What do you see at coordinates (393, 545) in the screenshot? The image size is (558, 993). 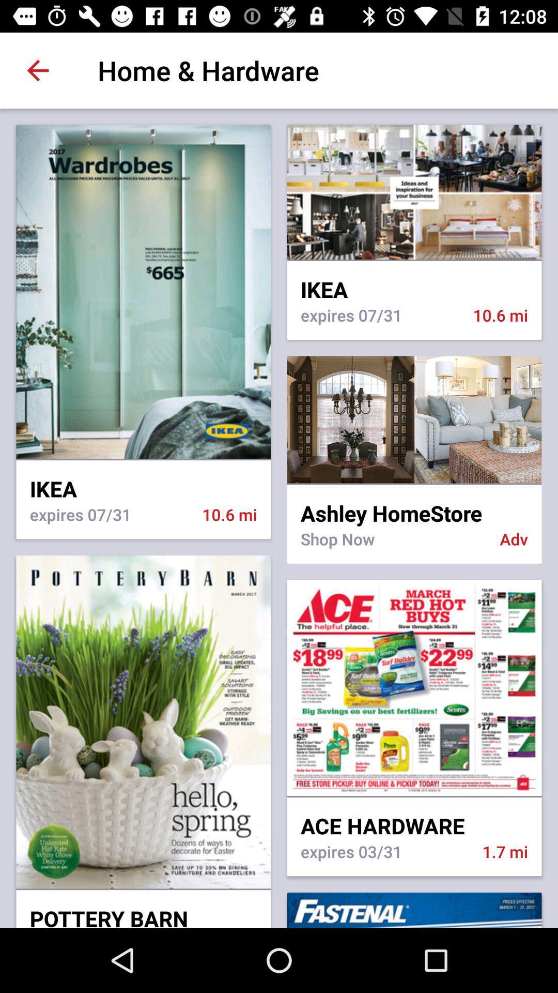 I see `the item next to the adv item` at bounding box center [393, 545].